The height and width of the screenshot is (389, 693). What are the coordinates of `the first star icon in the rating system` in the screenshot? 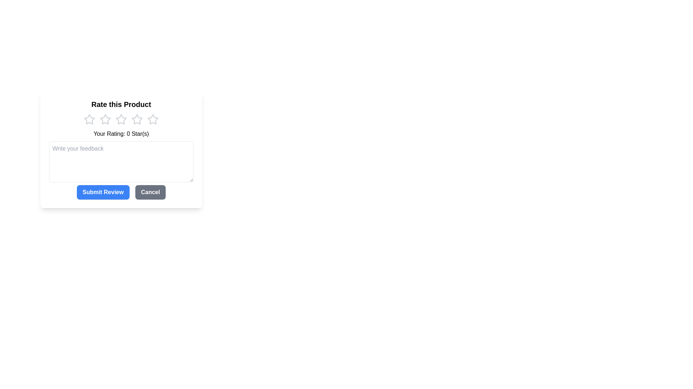 It's located at (89, 119).